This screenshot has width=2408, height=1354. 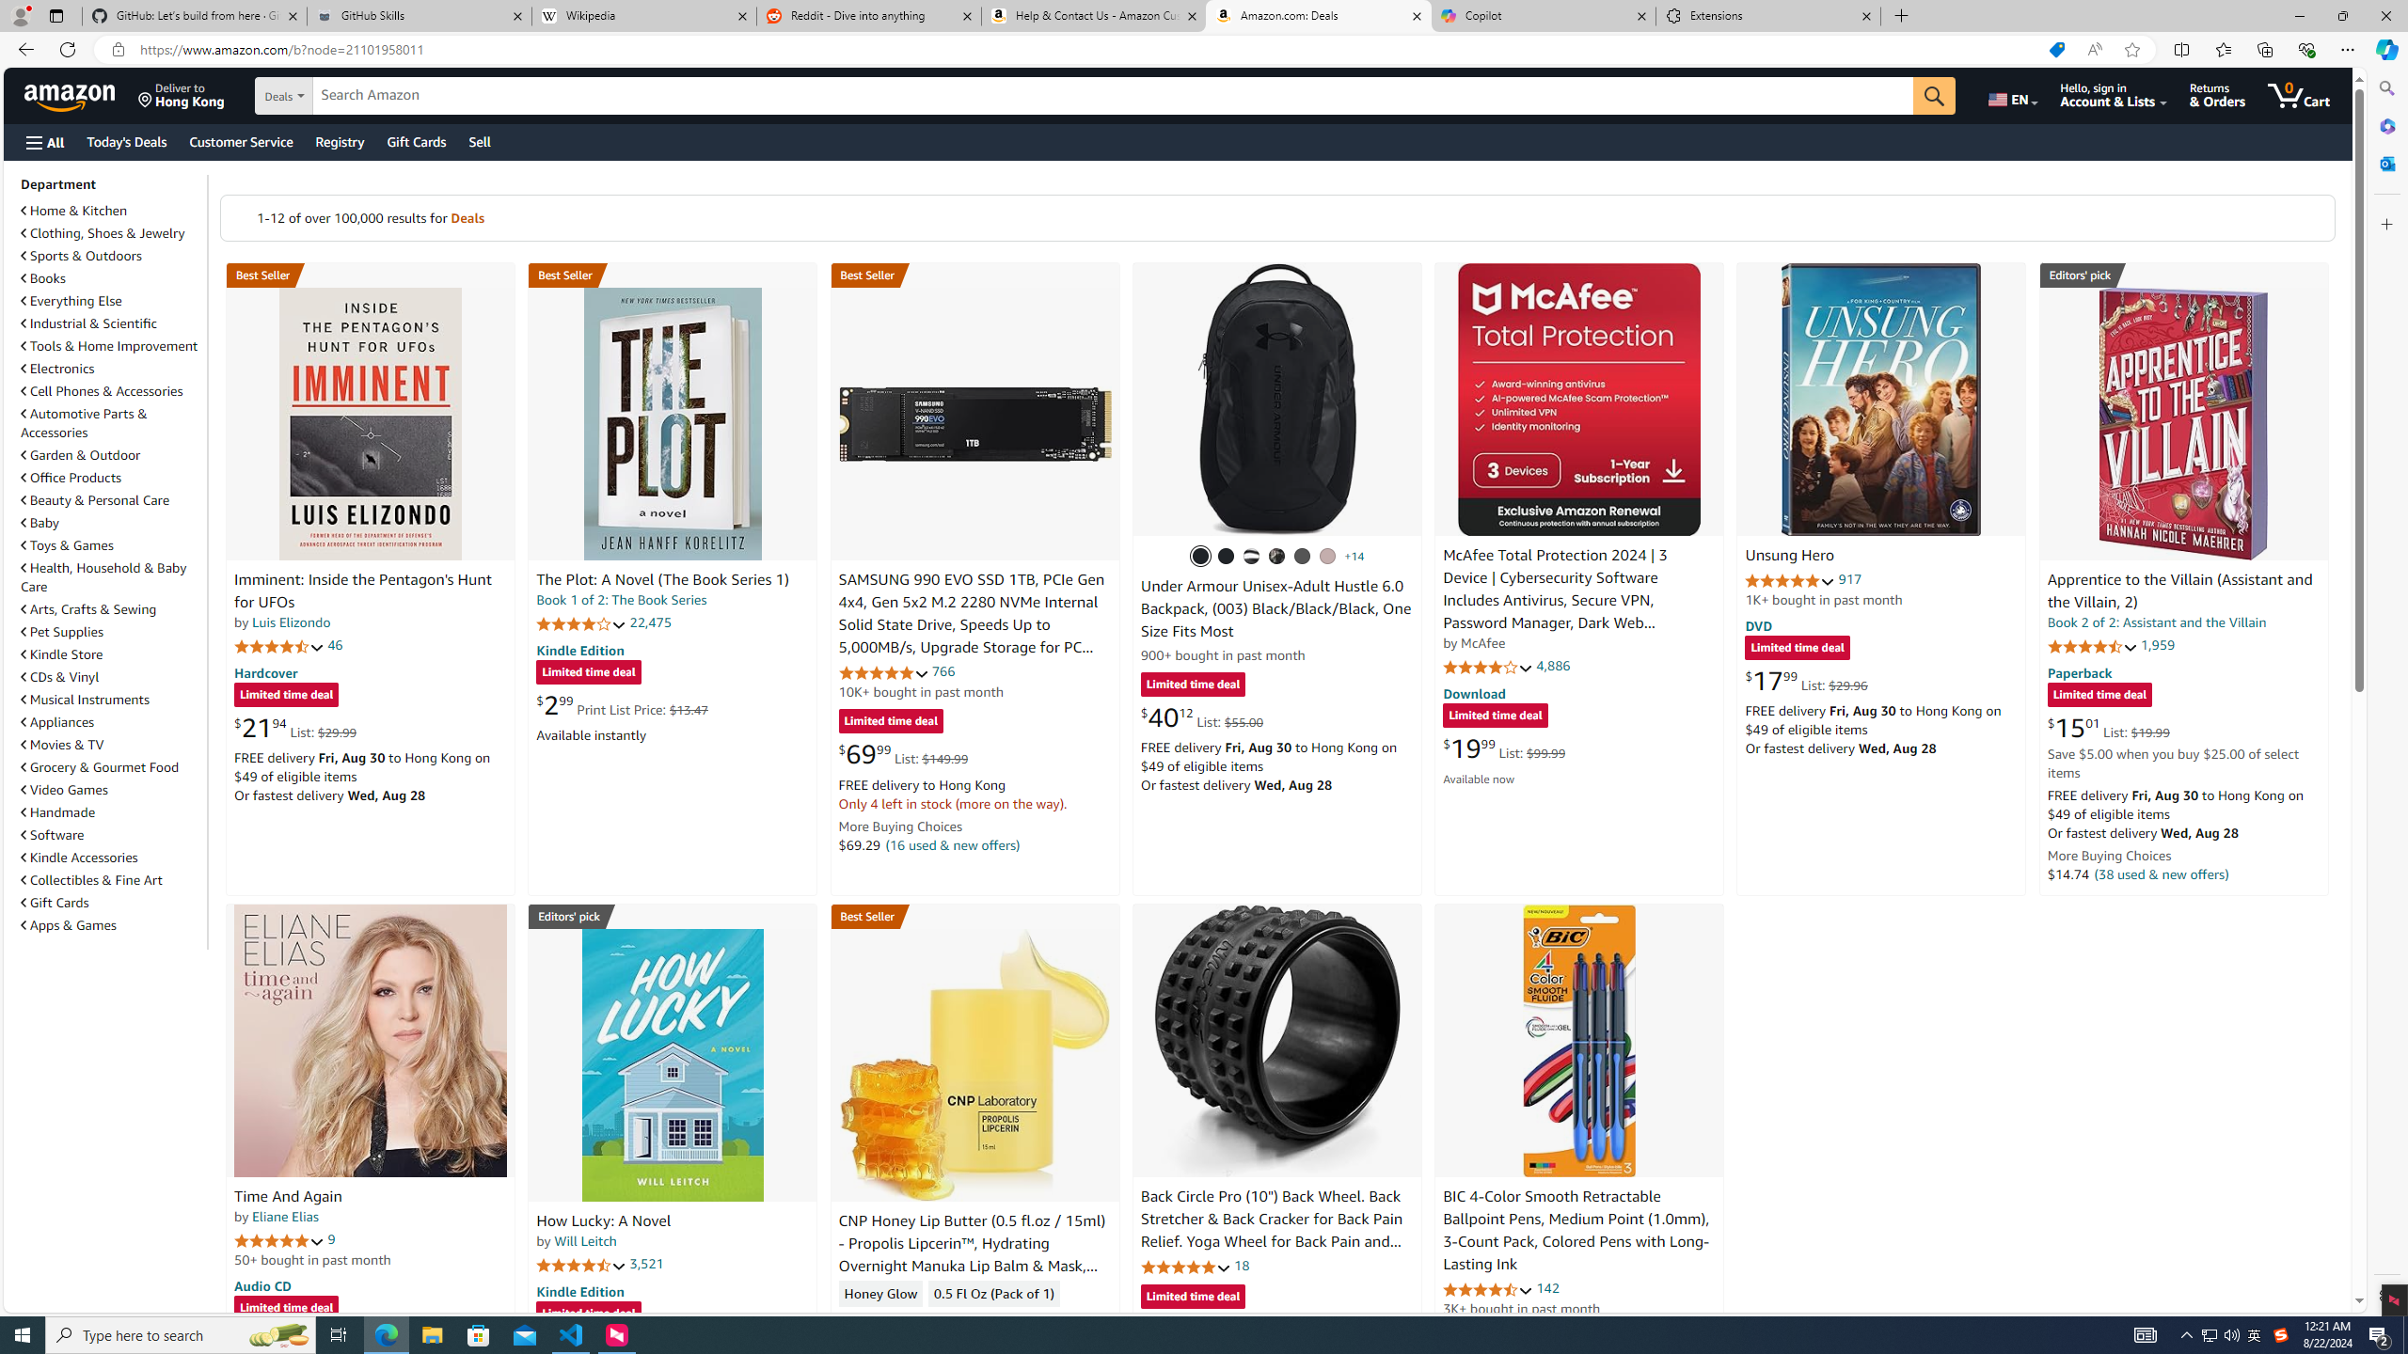 What do you see at coordinates (338, 141) in the screenshot?
I see `'Registry'` at bounding box center [338, 141].